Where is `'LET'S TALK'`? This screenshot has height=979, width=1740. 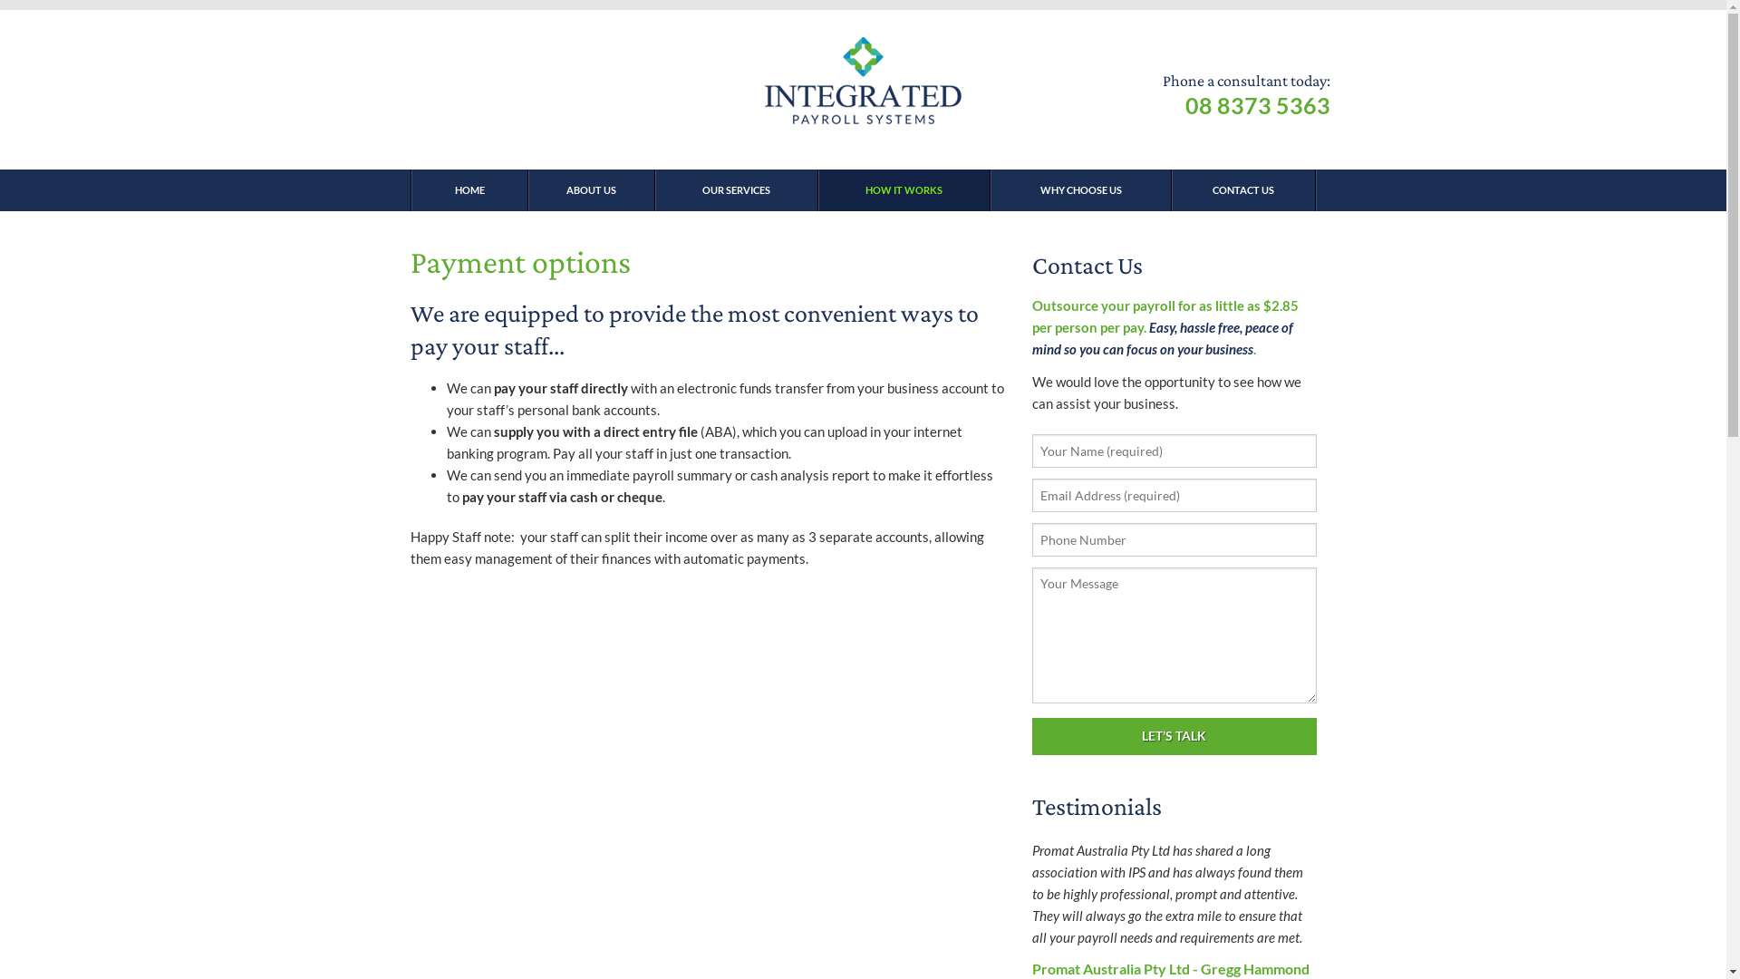
'LET'S TALK' is located at coordinates (1174, 736).